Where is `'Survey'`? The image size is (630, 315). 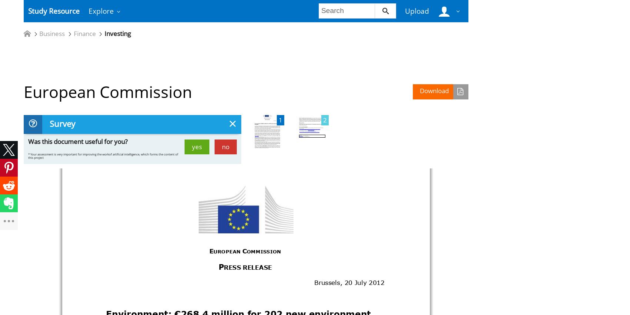
'Survey' is located at coordinates (62, 124).